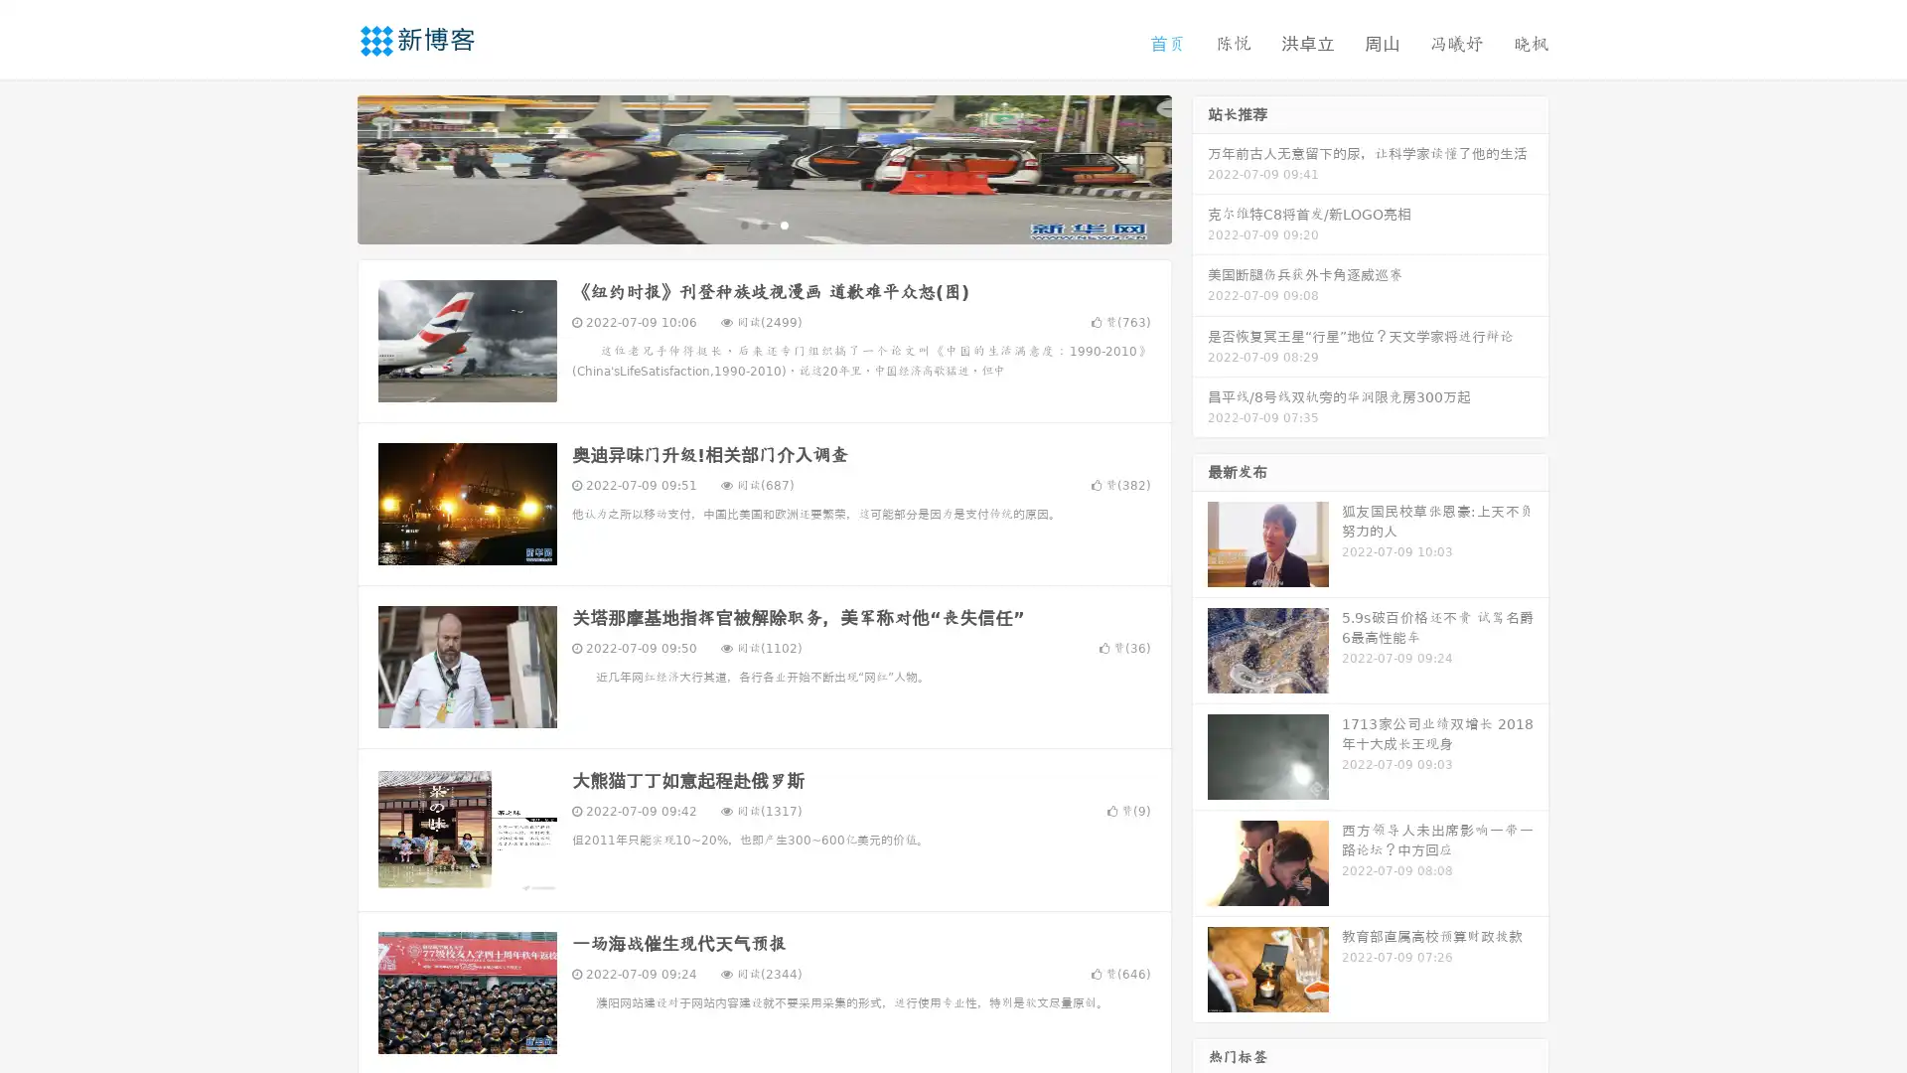  I want to click on Go to slide 1, so click(743, 224).